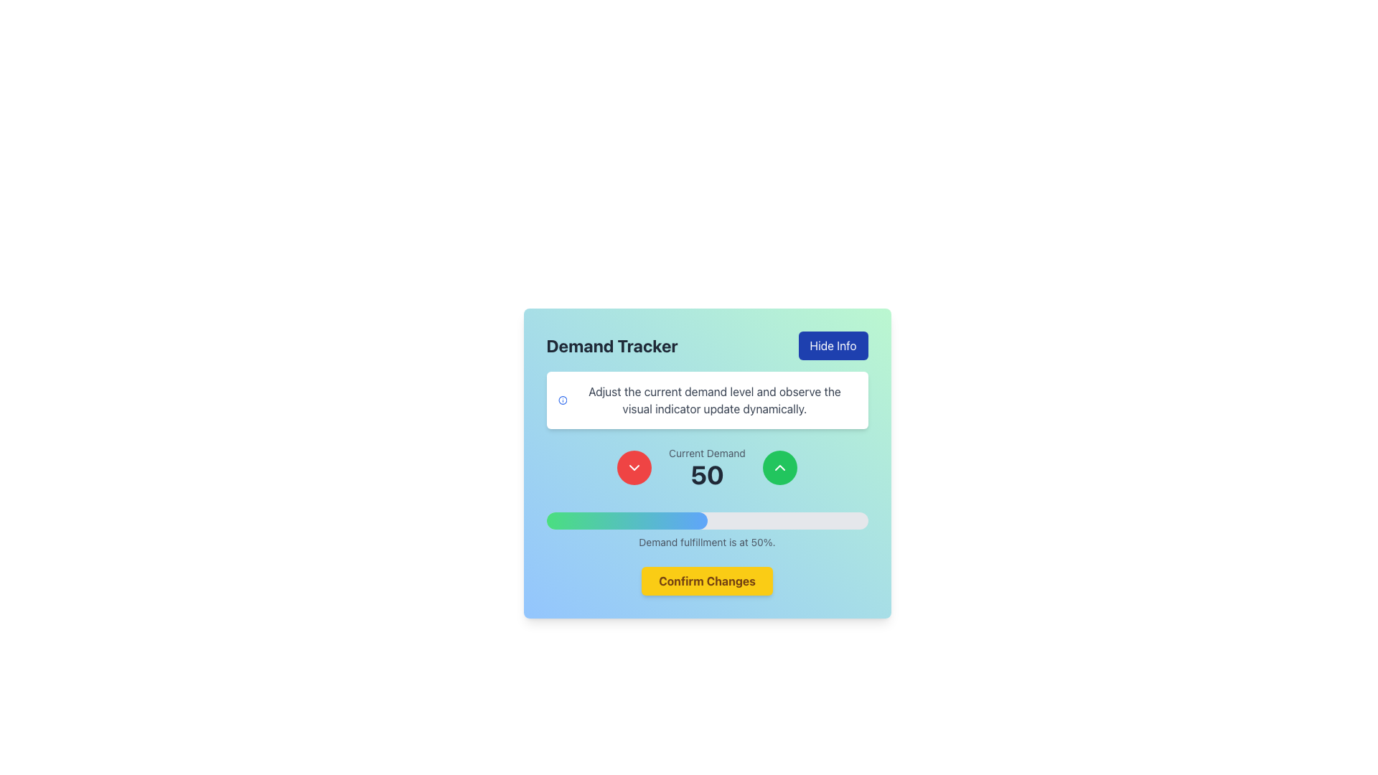 The height and width of the screenshot is (775, 1378). What do you see at coordinates (707, 542) in the screenshot?
I see `the static text element that summarizes the current status of demand fulfillment, positioned centrally below a progress bar indicating 50% fulfillment` at bounding box center [707, 542].